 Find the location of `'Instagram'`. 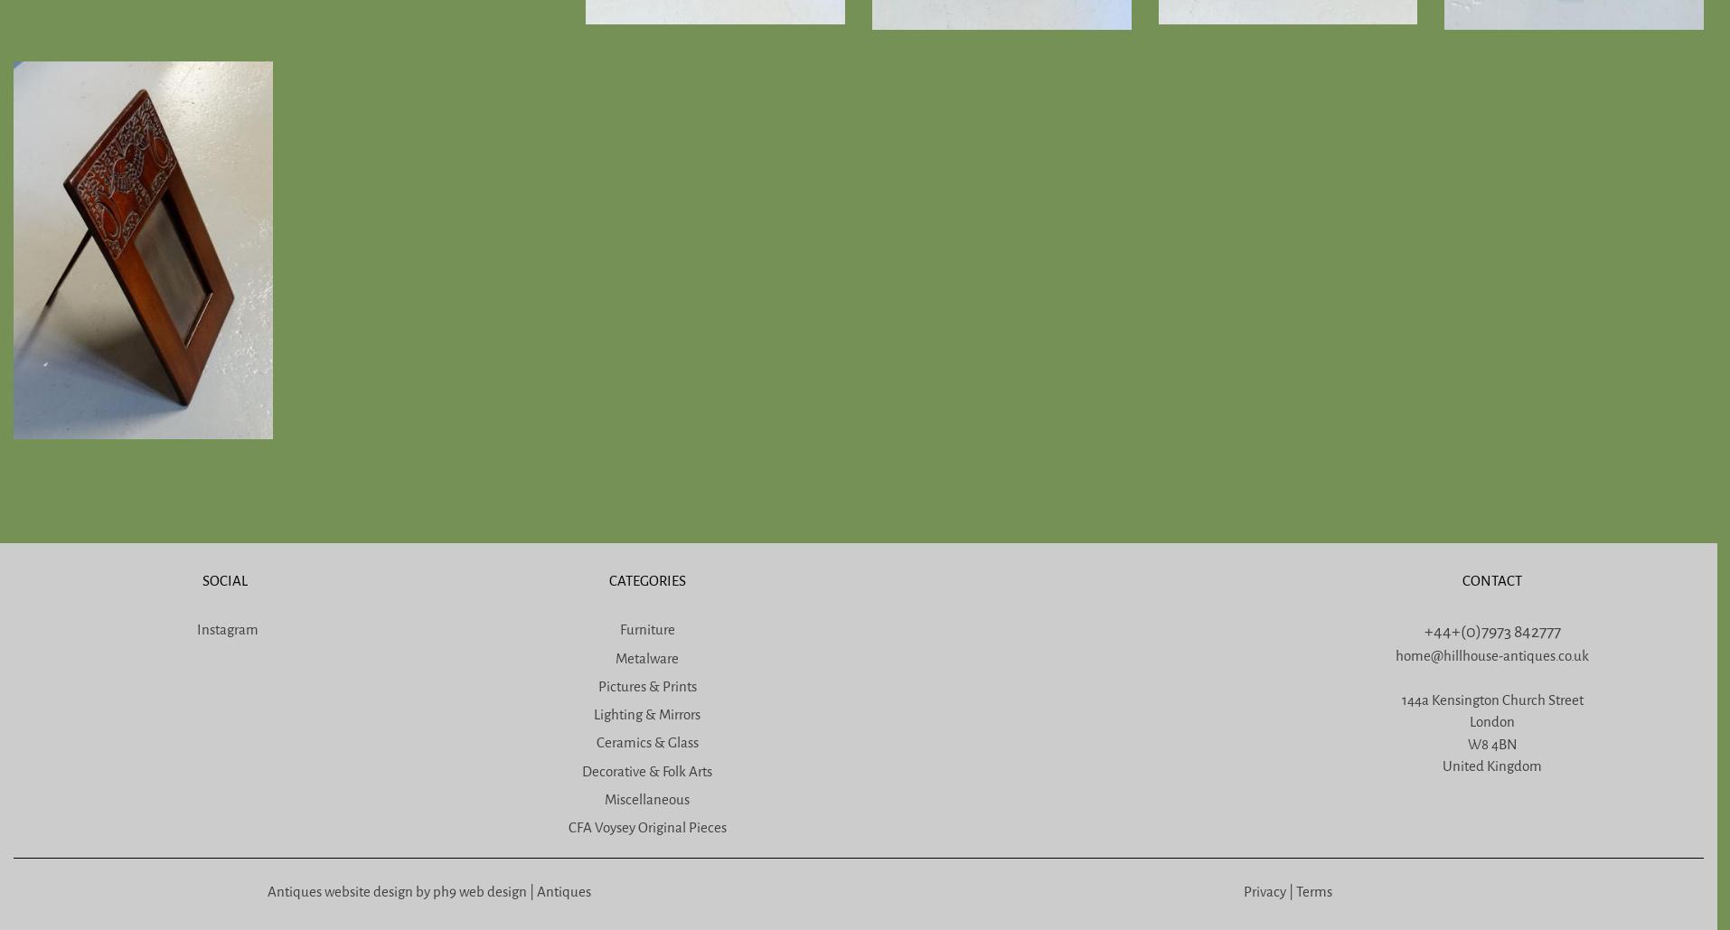

'Instagram' is located at coordinates (223, 629).